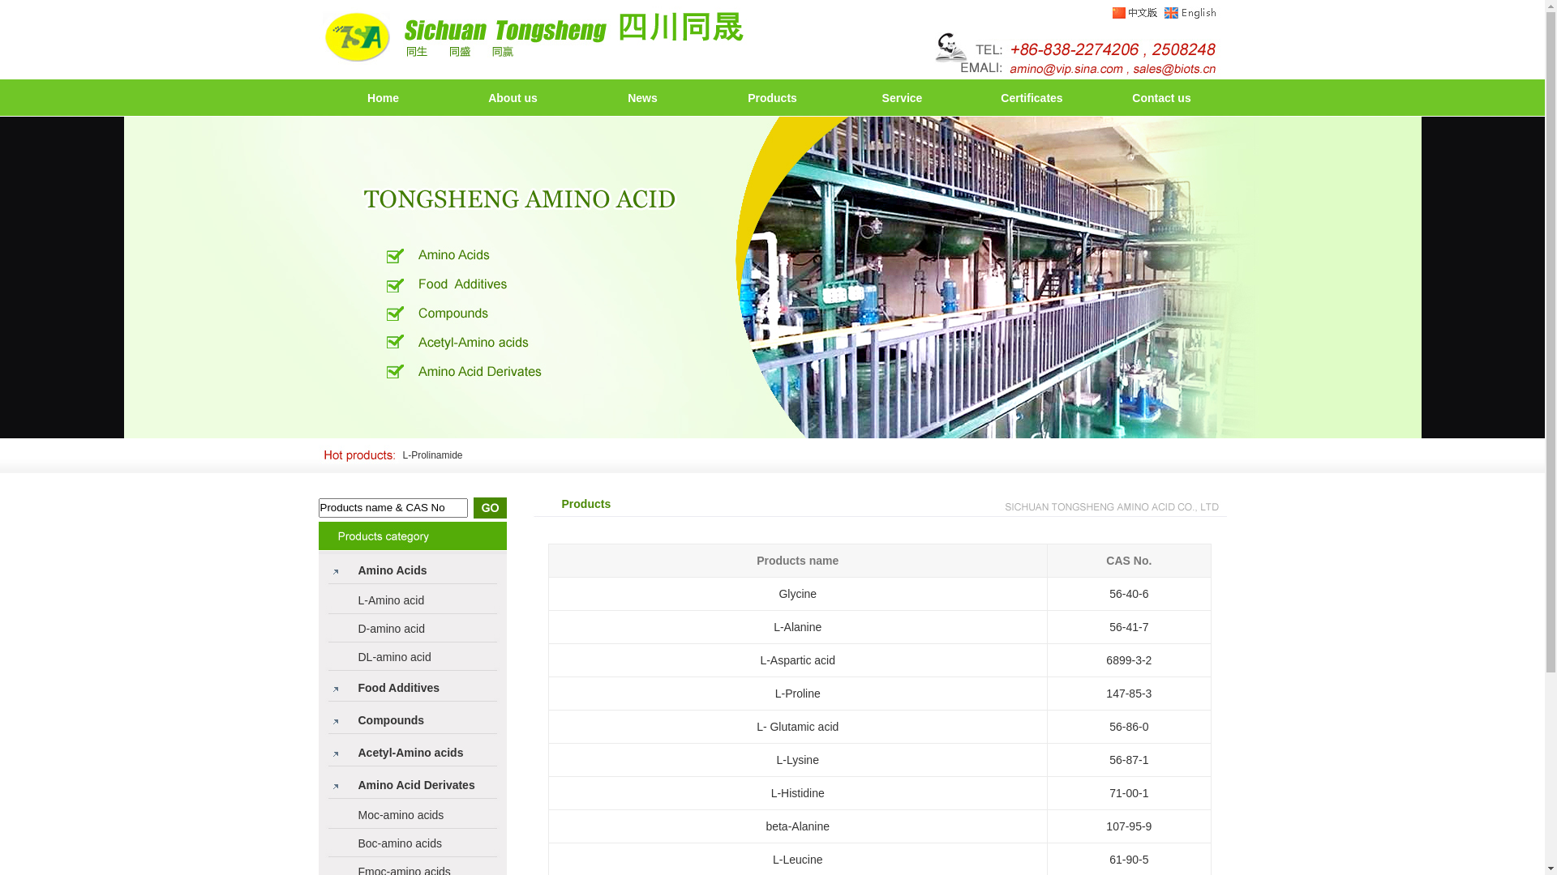 This screenshot has height=875, width=1557. I want to click on 'L-Proline', so click(797, 693).